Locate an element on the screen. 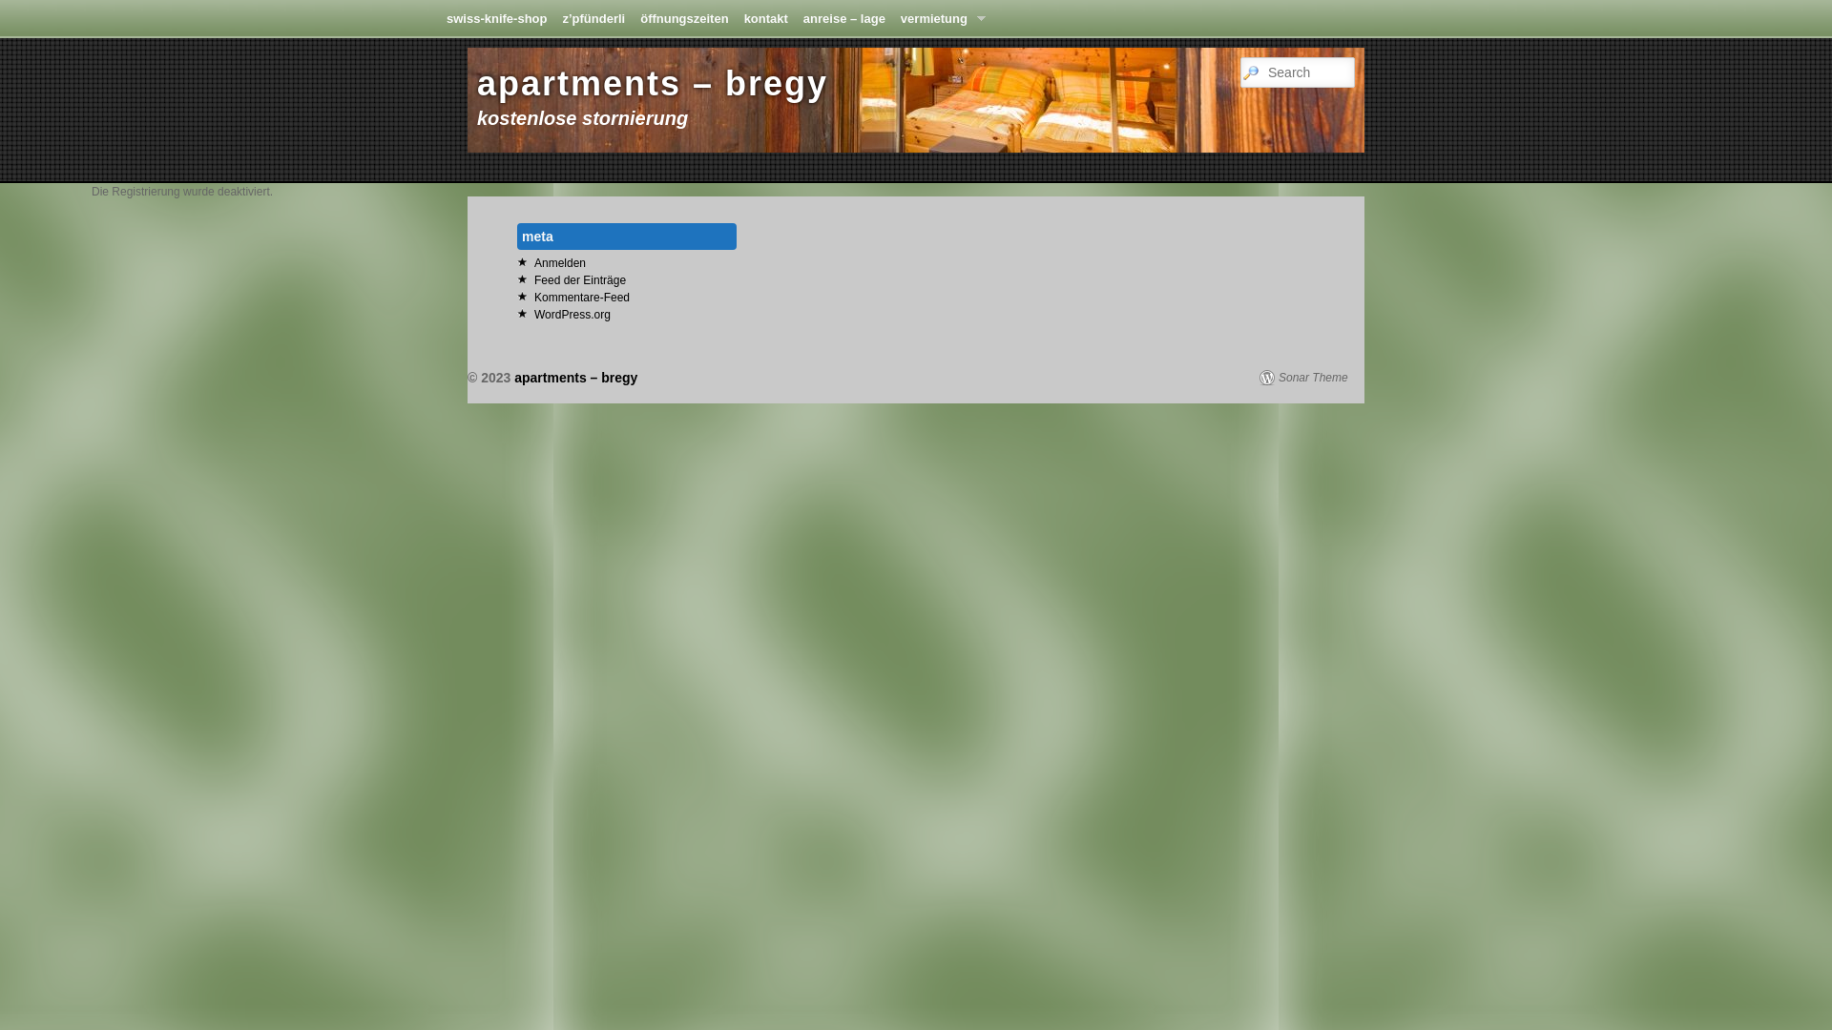 Image resolution: width=1832 pixels, height=1030 pixels. 'Anmelden' is located at coordinates (558, 263).